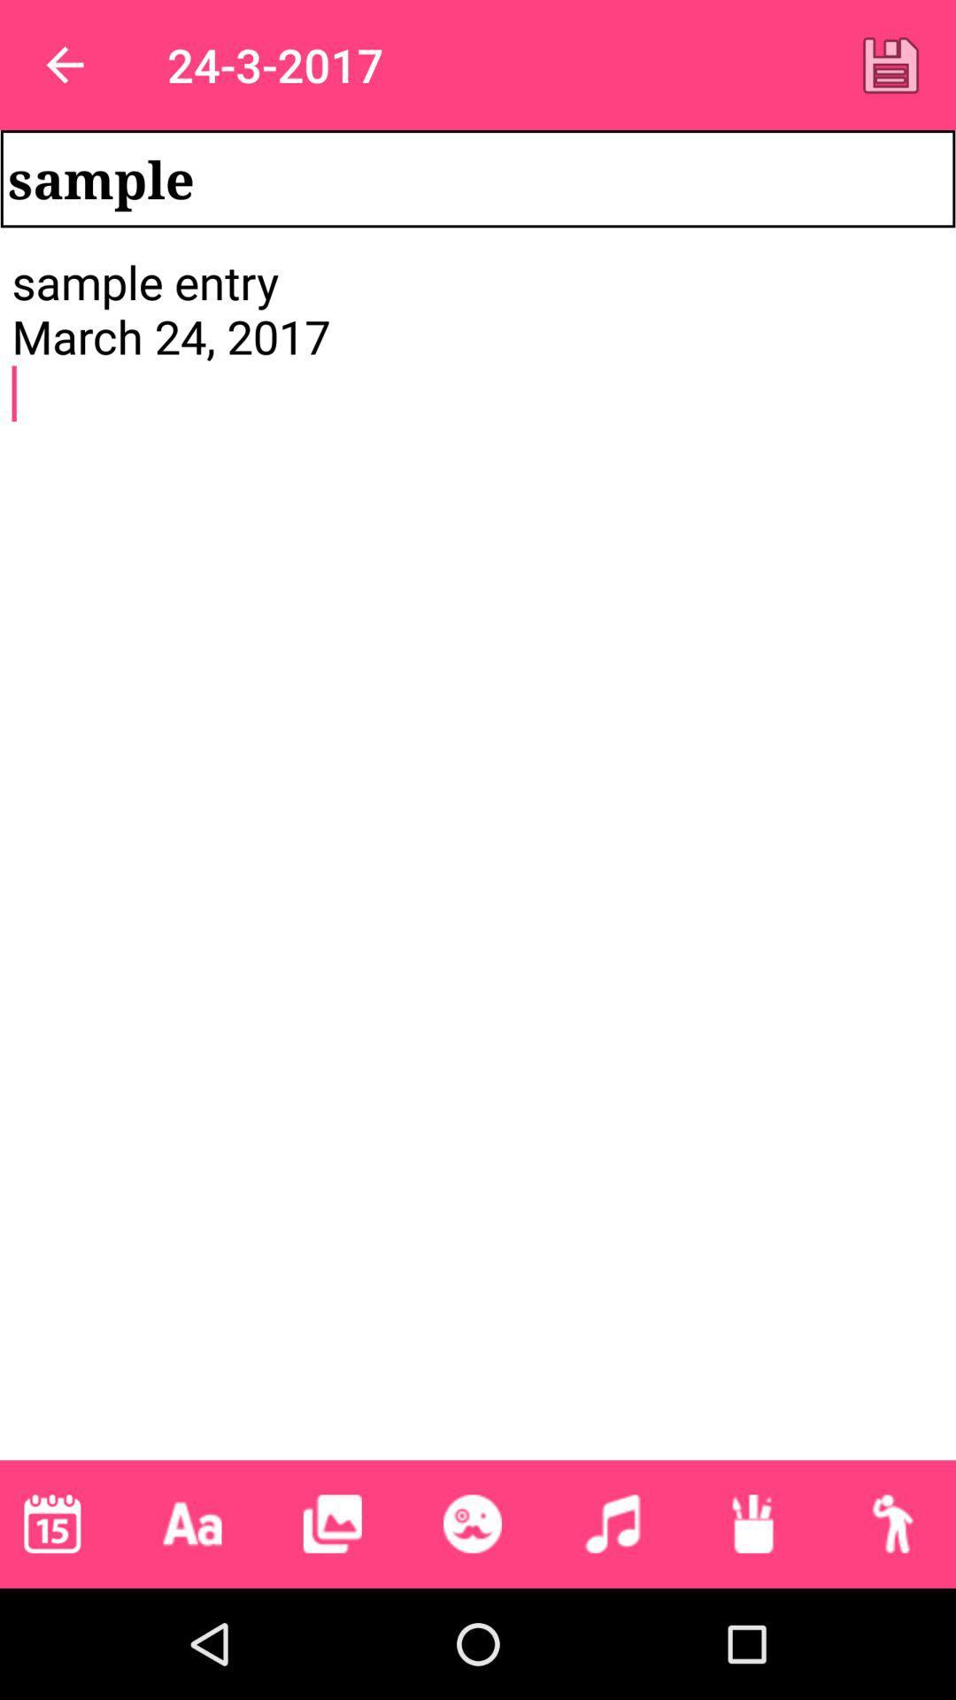 This screenshot has width=956, height=1700. Describe the element at coordinates (478, 855) in the screenshot. I see `sample entry march` at that location.